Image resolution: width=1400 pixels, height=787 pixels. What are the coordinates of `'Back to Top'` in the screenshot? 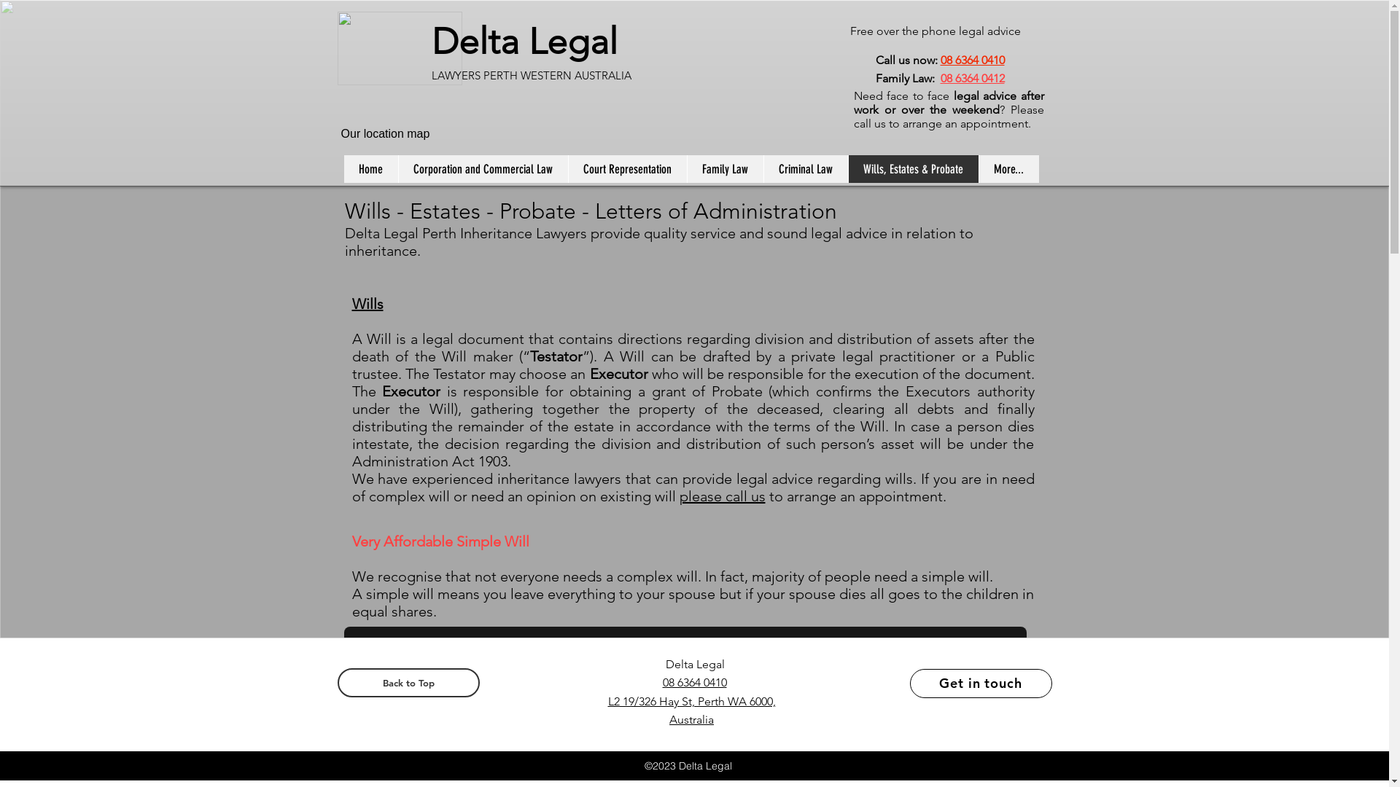 It's located at (335, 683).